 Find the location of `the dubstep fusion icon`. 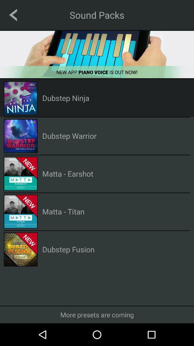

the dubstep fusion icon is located at coordinates (68, 249).